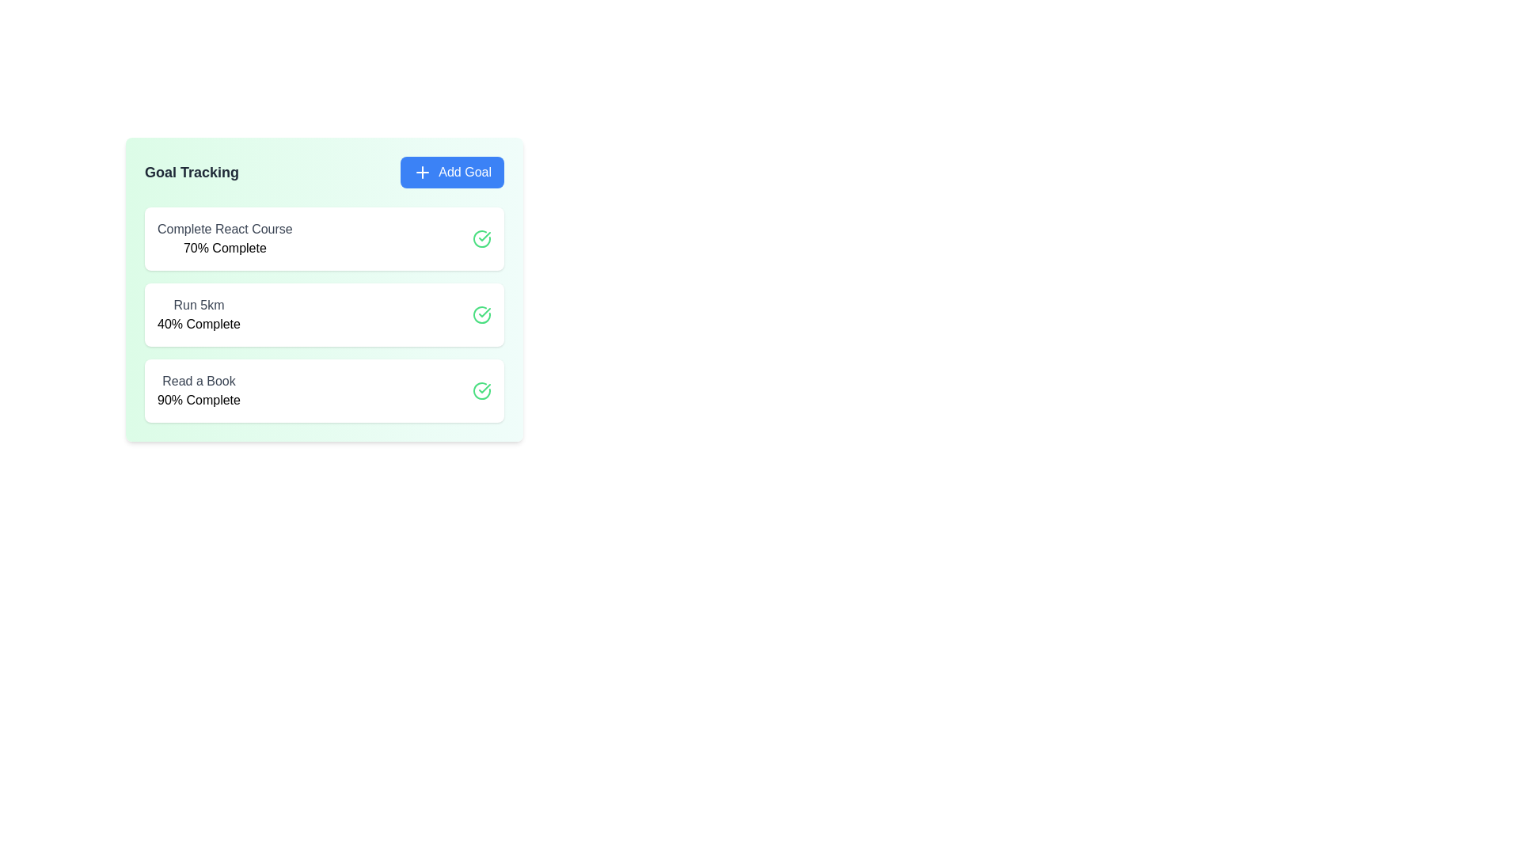 This screenshot has width=1520, height=855. What do you see at coordinates (481, 314) in the screenshot?
I see `the green circular icon with a checkmark that signifies a completed task, located to the right of the 'Run 5km' text and below the 'Complete React Course' section` at bounding box center [481, 314].